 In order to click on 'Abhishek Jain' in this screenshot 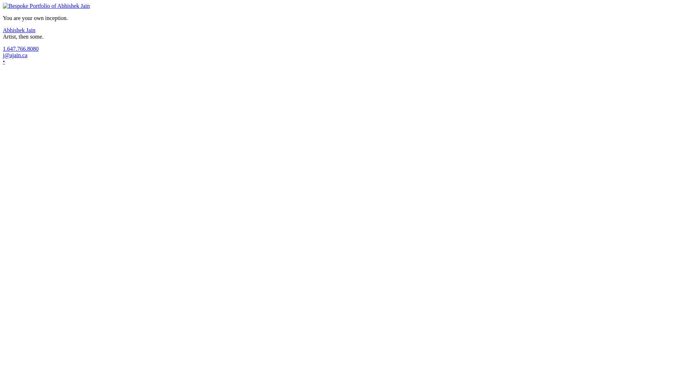, I will do `click(19, 30)`.